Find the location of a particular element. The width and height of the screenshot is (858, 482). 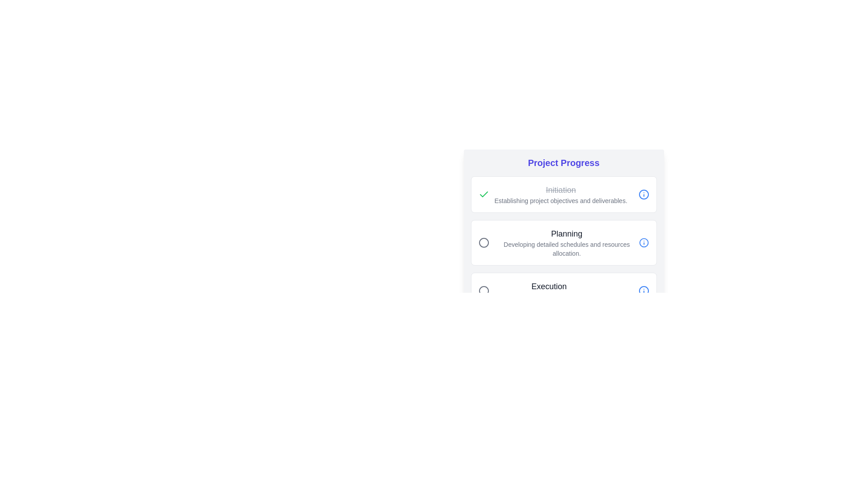

the information icon for the Planning phase to view its details is located at coordinates (644, 242).